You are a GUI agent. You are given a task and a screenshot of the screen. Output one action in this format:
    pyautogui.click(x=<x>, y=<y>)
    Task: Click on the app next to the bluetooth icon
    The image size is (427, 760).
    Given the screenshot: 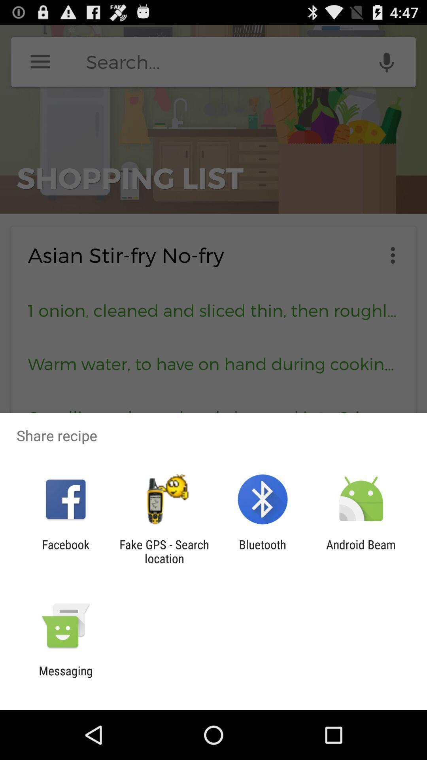 What is the action you would take?
    pyautogui.click(x=361, y=551)
    